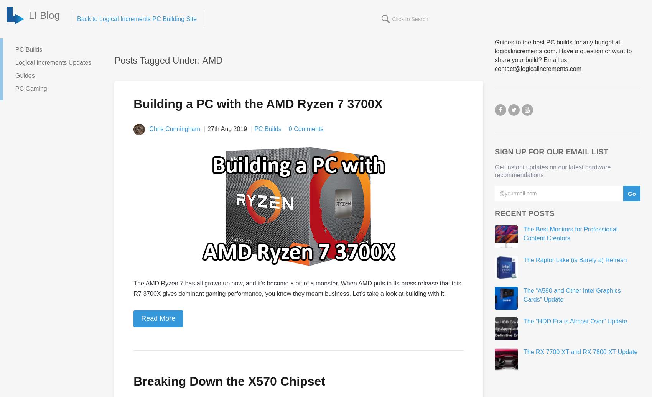 The height and width of the screenshot is (397, 652). I want to click on 'Posts Tagged Under: AMD', so click(114, 60).